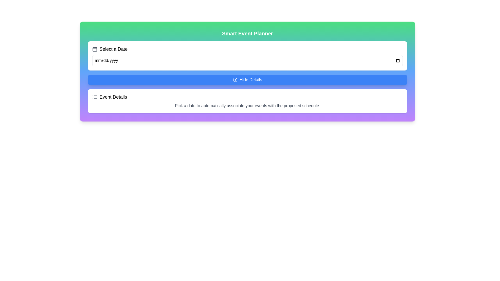  I want to click on the decorative SVG element that resembles a calendar icon, specifically the rectangular shape with rounded corners located near the left edge of the 'Select a Date' field, so click(95, 49).